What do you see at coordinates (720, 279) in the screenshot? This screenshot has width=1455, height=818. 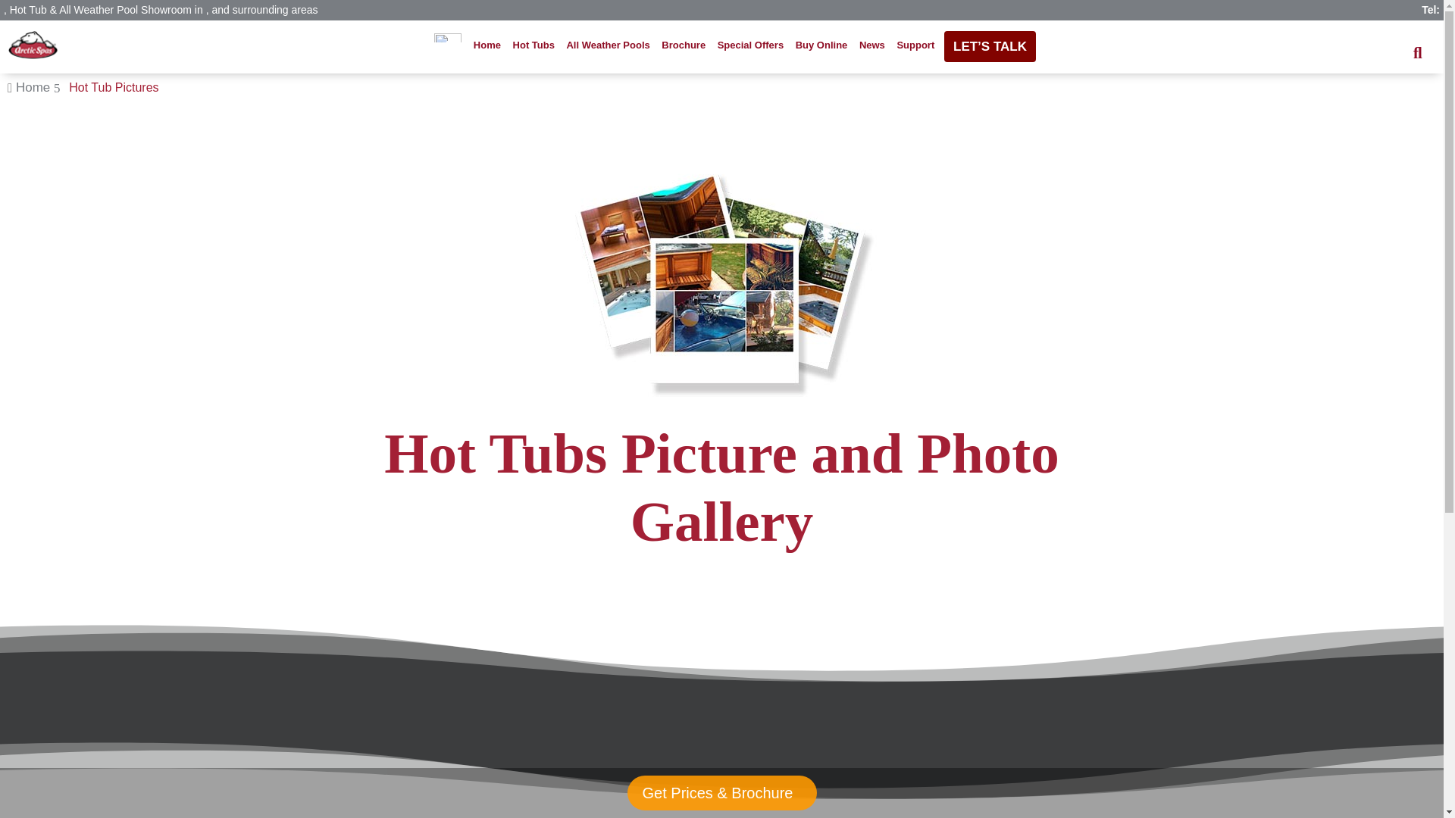 I see `'gallery hot tubs'` at bounding box center [720, 279].